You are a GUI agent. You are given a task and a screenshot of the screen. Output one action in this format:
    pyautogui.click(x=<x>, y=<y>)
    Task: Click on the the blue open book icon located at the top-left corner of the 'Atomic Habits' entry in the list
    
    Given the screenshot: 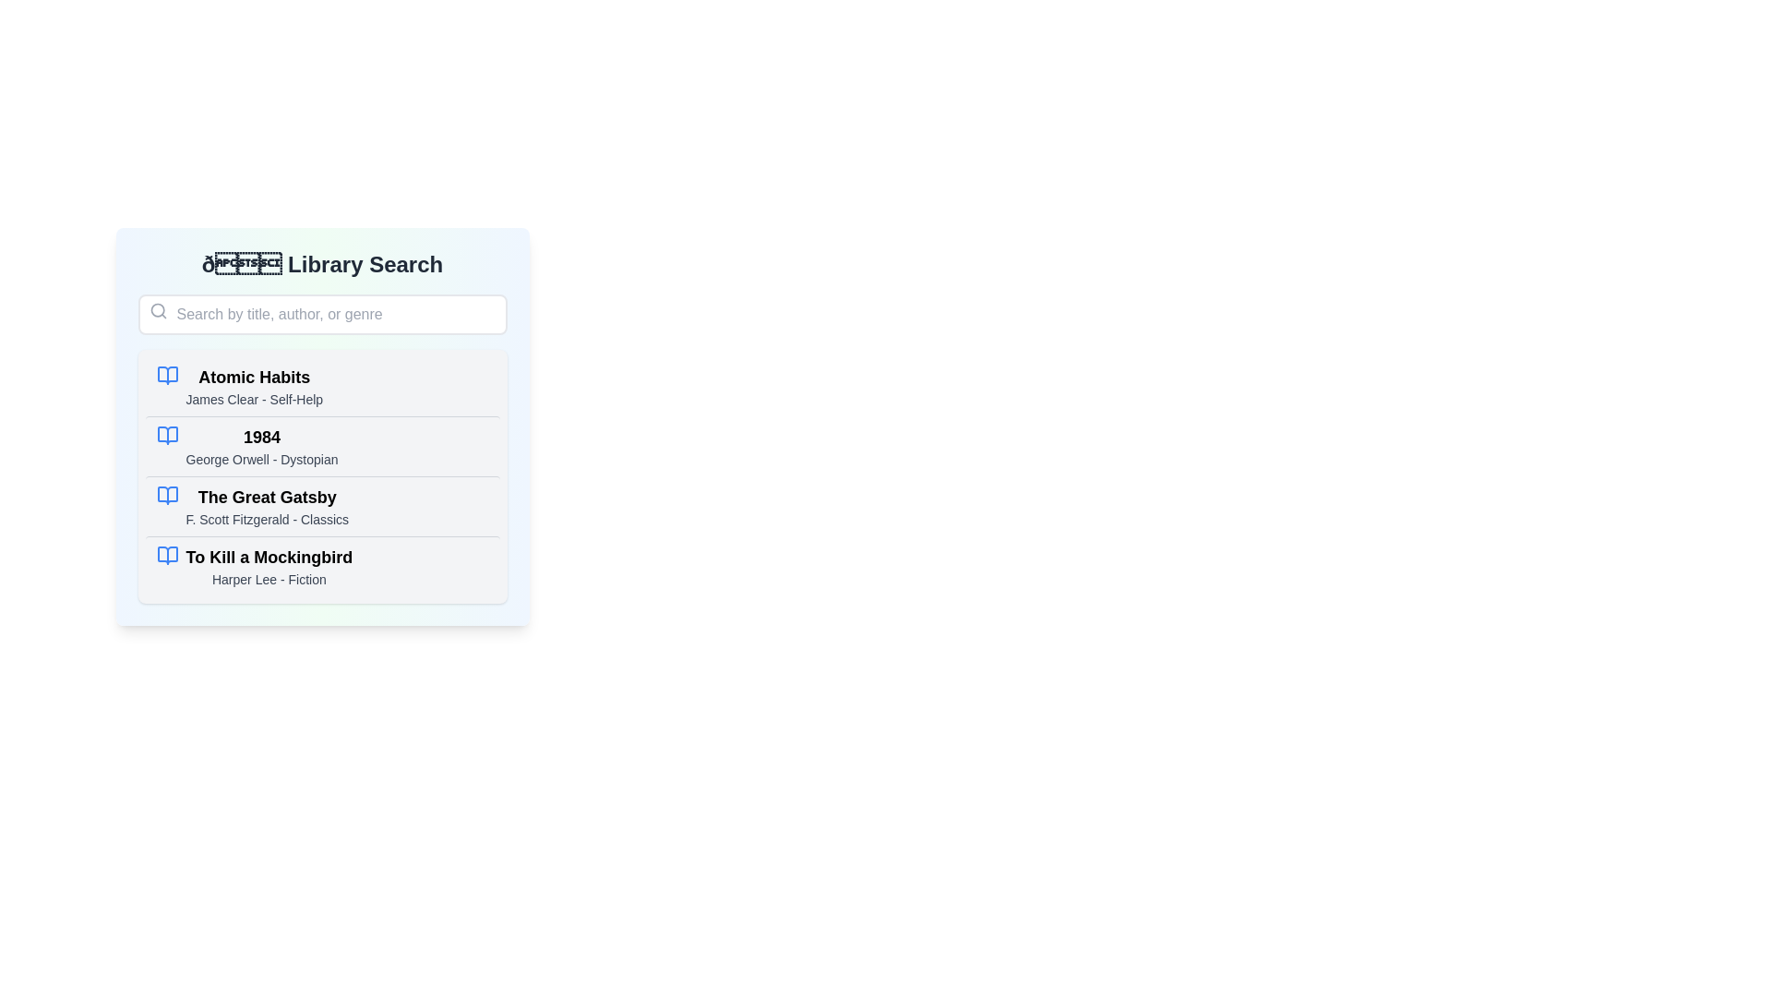 What is the action you would take?
    pyautogui.click(x=167, y=375)
    